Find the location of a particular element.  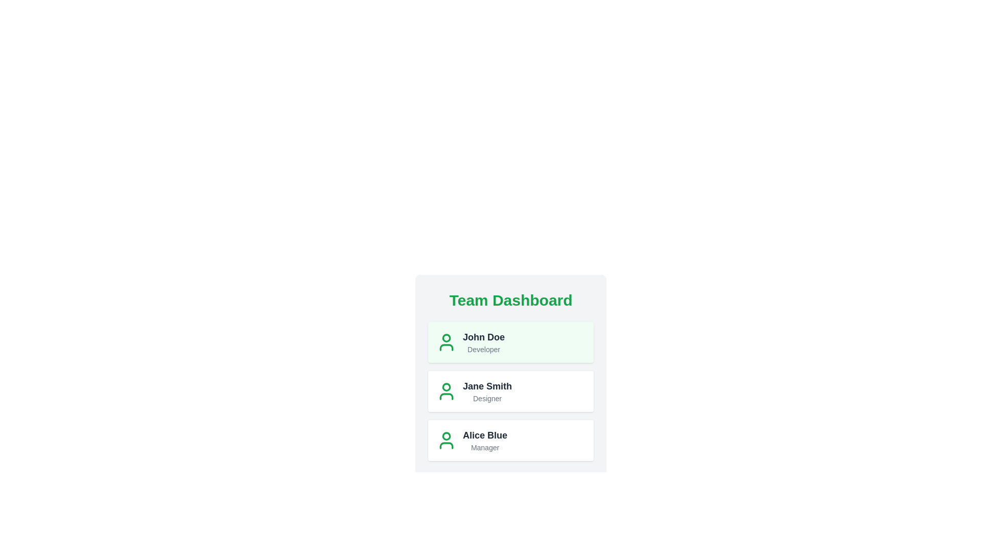

the neighboring elements in the list by clicking on the text label 'Jane Smith - Designer', which is the second user in the 'Team Dashboard' section is located at coordinates (487, 391).